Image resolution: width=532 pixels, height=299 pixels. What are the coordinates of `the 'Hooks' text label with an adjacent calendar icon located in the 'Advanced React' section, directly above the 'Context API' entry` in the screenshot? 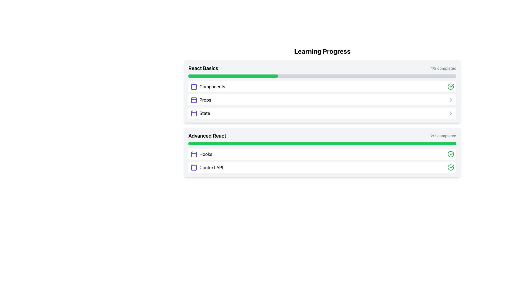 It's located at (201, 154).